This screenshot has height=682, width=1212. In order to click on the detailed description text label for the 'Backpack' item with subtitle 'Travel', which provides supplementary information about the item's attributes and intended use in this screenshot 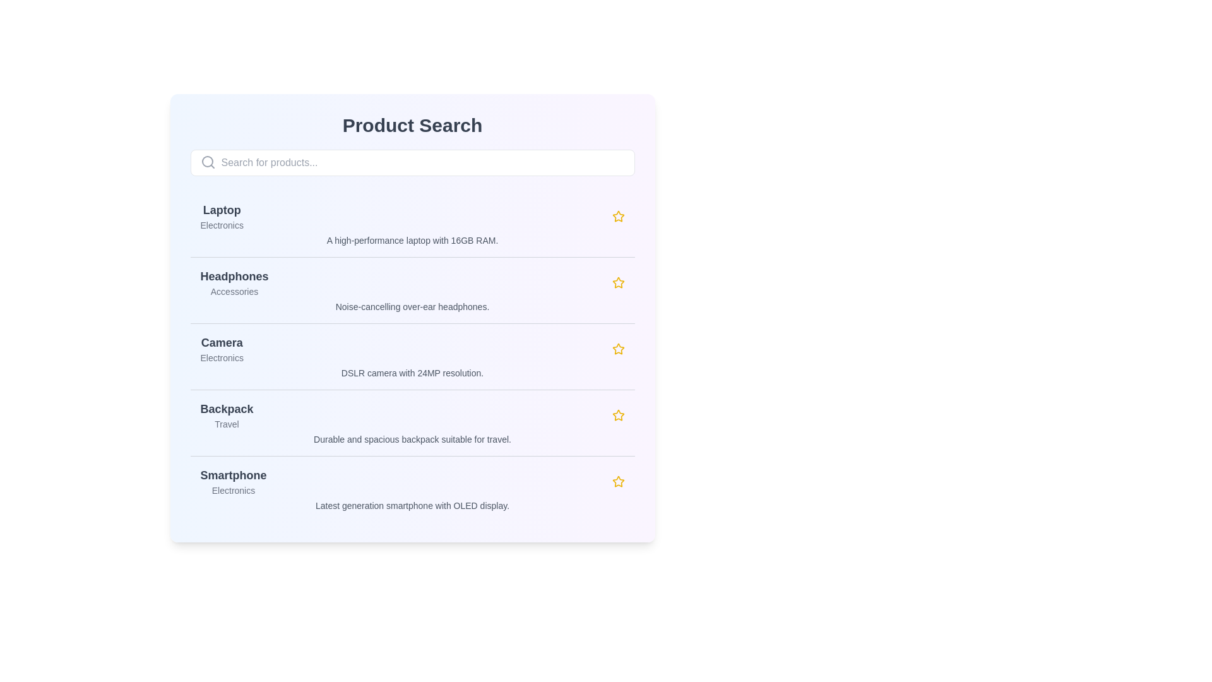, I will do `click(412, 438)`.